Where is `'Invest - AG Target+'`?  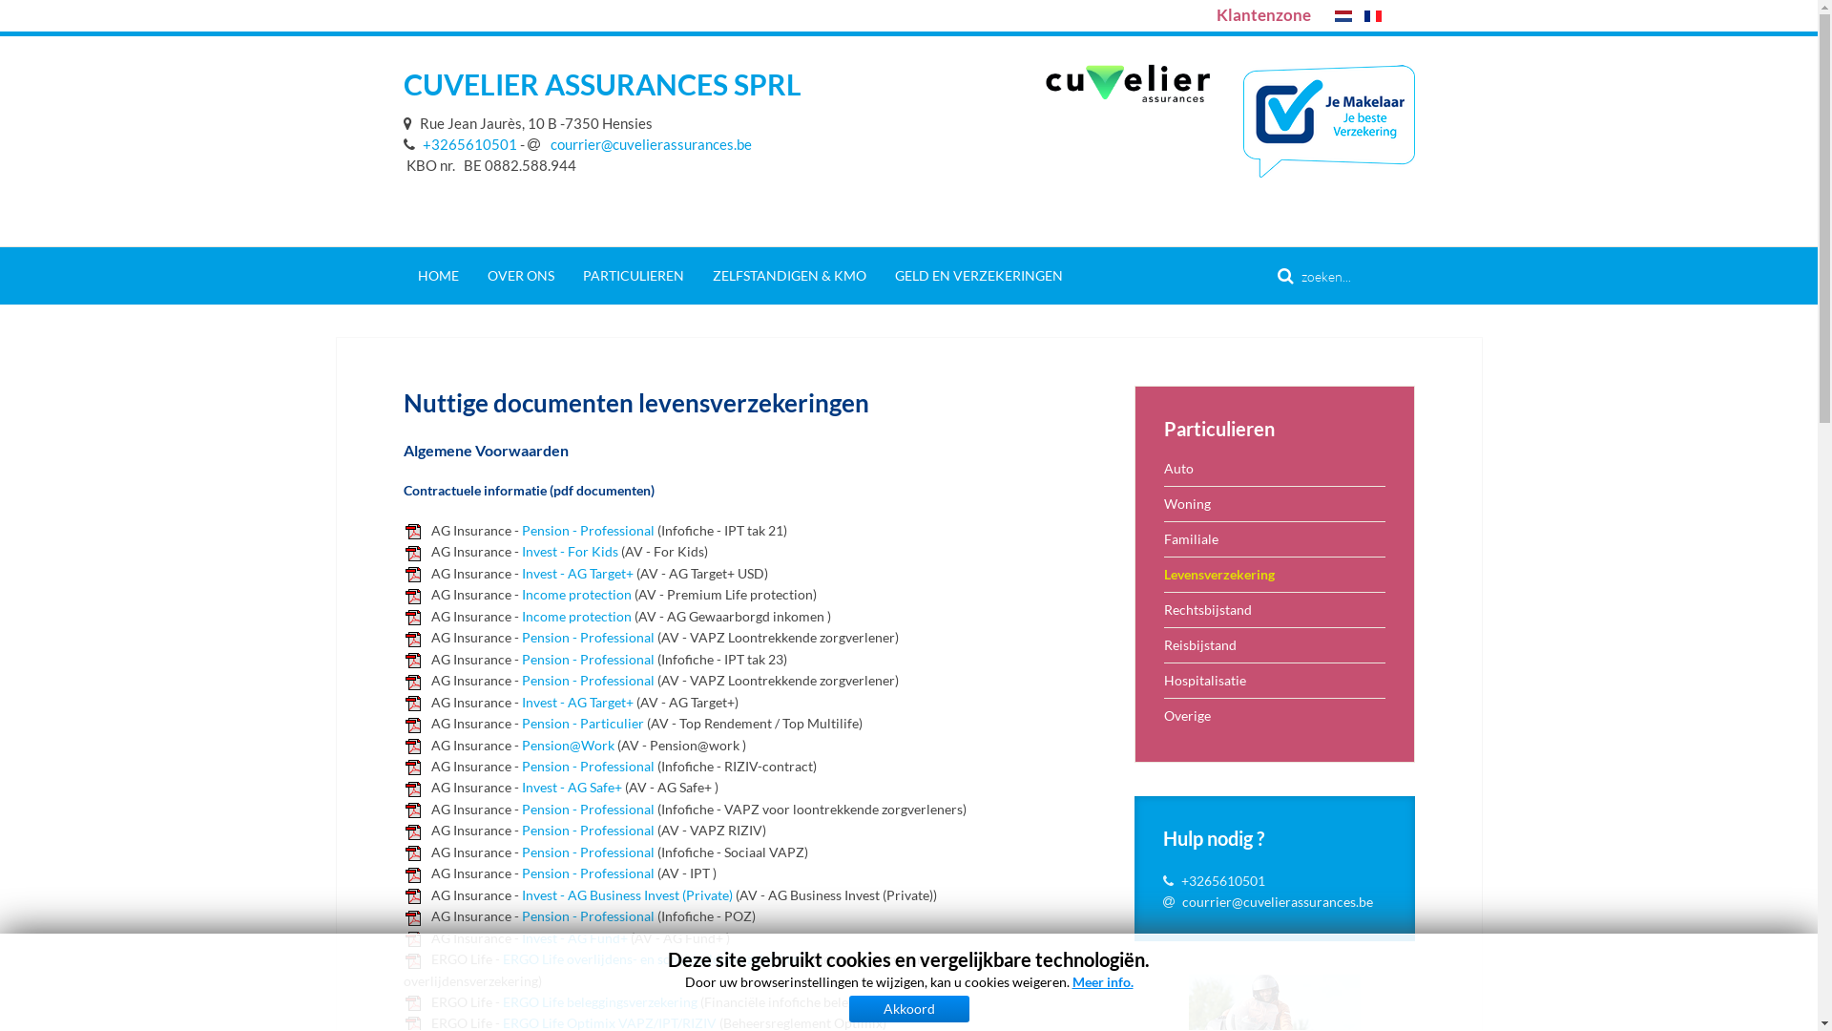
'Invest - AG Target+' is located at coordinates (575, 702).